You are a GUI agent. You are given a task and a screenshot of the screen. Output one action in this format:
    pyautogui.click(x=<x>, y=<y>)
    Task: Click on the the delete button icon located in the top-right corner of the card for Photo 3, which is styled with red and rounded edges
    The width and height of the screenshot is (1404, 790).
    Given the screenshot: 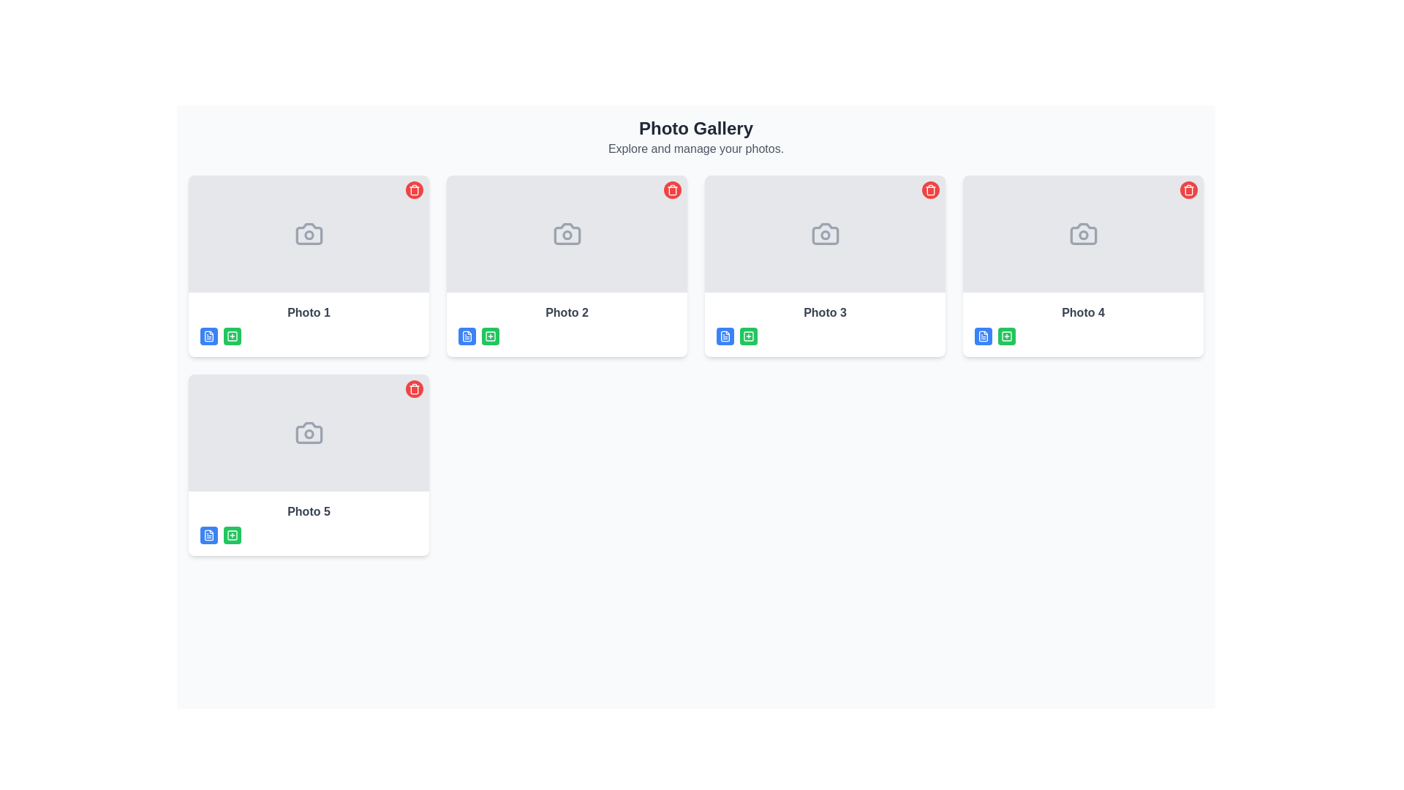 What is the action you would take?
    pyautogui.click(x=929, y=189)
    